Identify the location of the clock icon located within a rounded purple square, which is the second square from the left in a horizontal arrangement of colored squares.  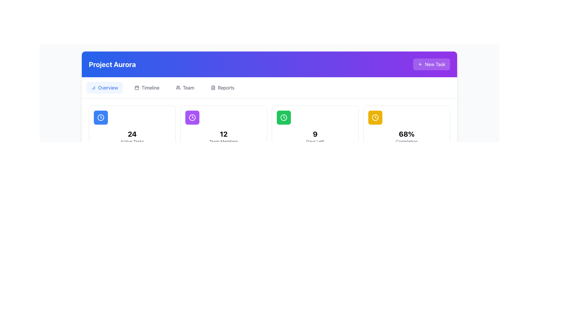
(192, 117).